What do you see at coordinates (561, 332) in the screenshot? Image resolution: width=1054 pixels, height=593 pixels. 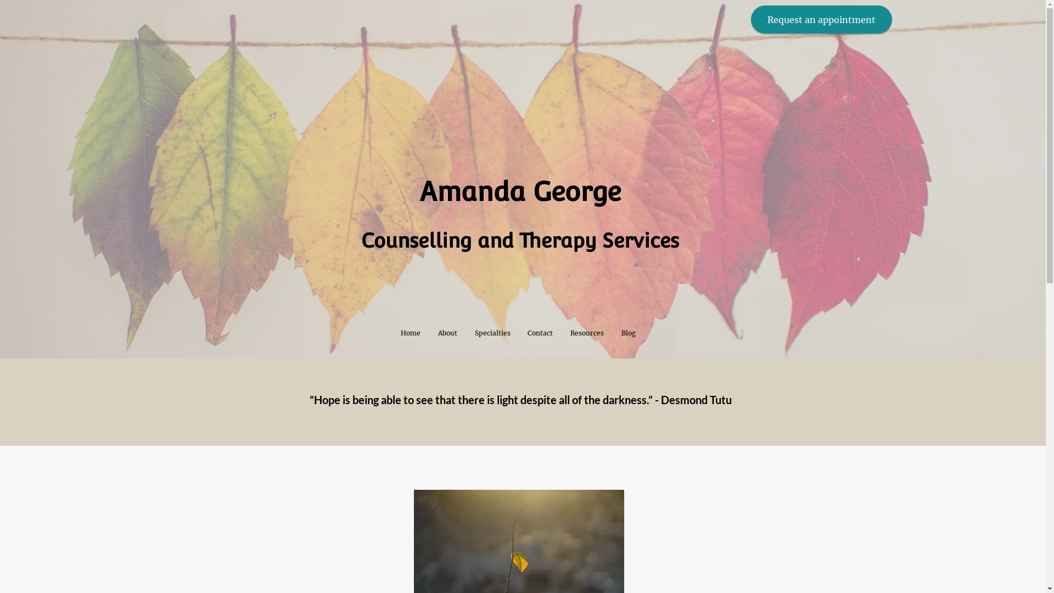 I see `'Resources'` at bounding box center [561, 332].